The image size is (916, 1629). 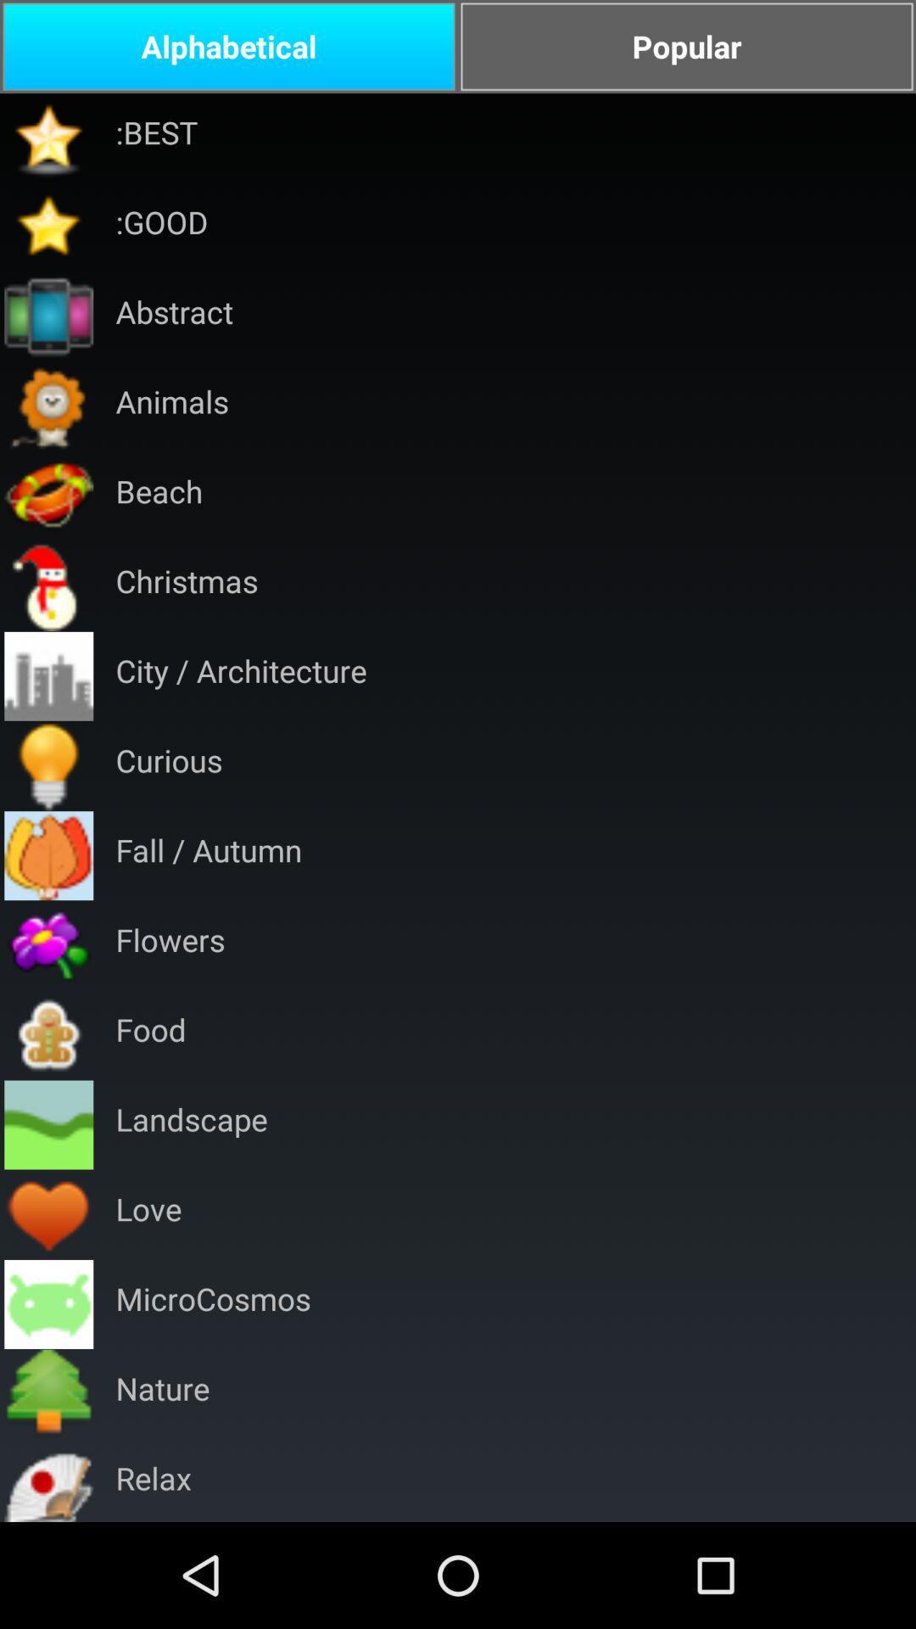 What do you see at coordinates (208, 855) in the screenshot?
I see `the fall / autumn icon` at bounding box center [208, 855].